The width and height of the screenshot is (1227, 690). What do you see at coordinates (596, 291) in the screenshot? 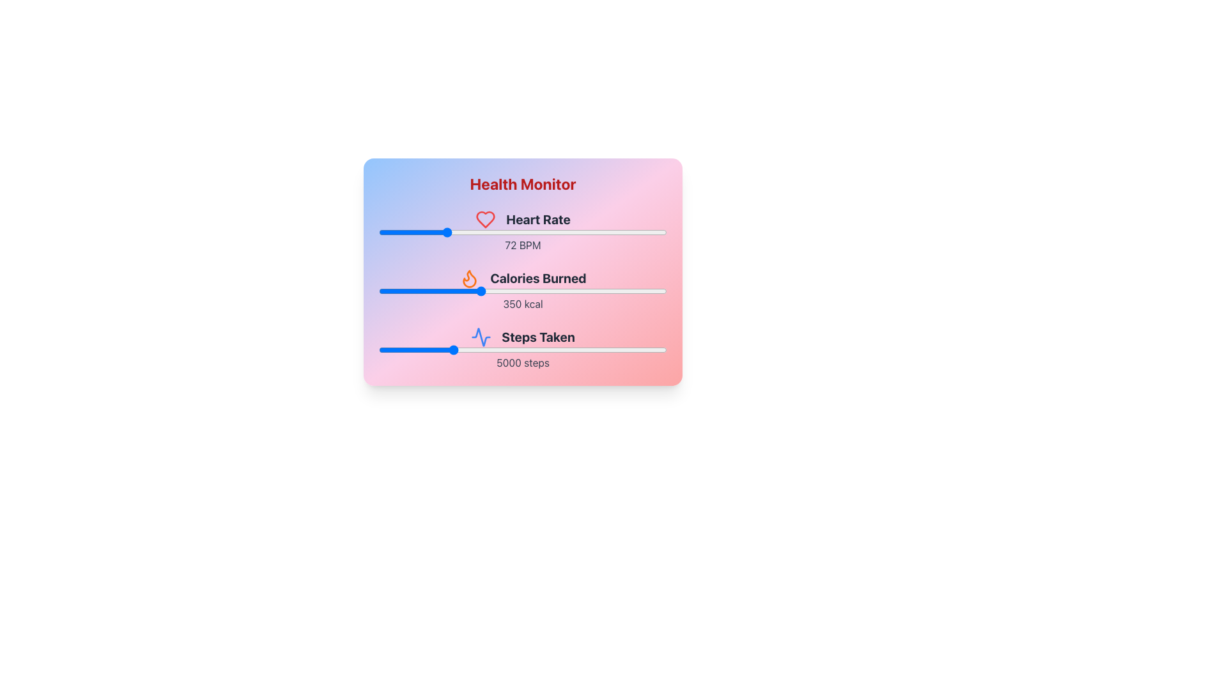
I see `the calories burned slider` at bounding box center [596, 291].